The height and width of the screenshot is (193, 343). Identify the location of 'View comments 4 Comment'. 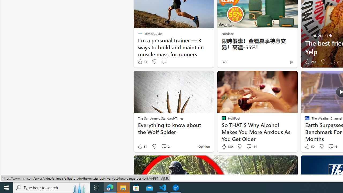
(332, 146).